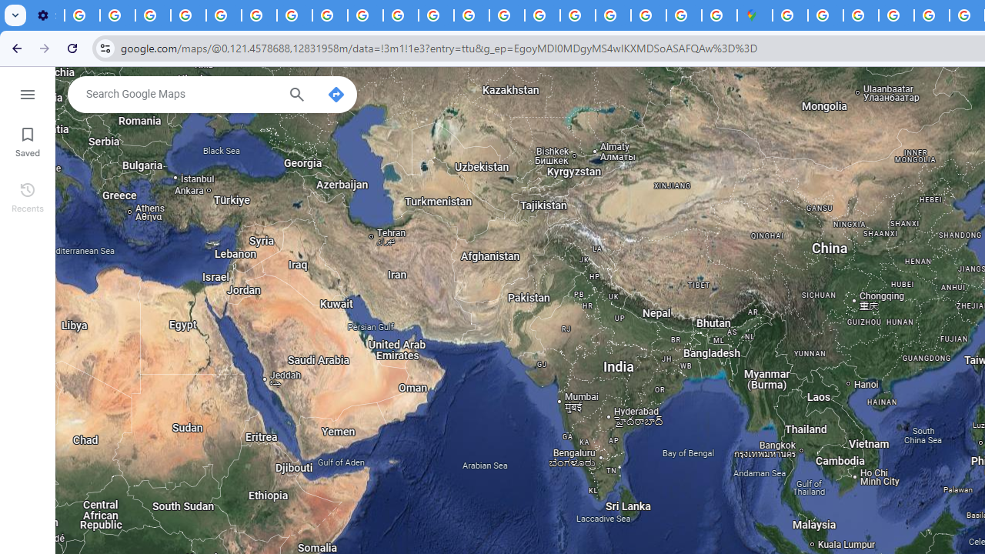 This screenshot has height=554, width=985. What do you see at coordinates (296, 96) in the screenshot?
I see `'Search'` at bounding box center [296, 96].